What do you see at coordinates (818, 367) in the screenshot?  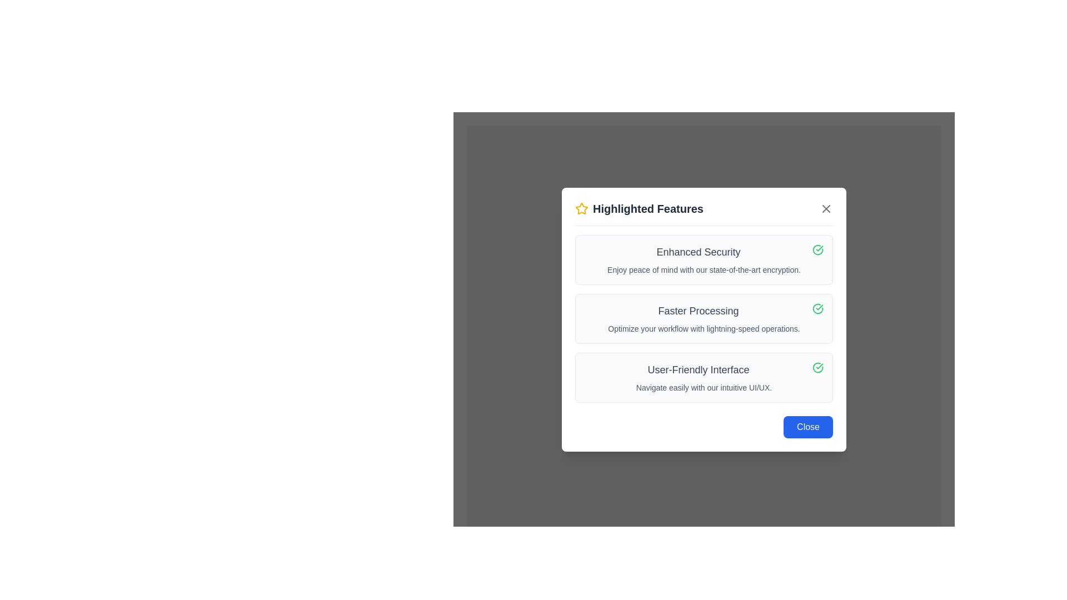 I see `the positive state icon located in the top-right corner of the 'User-Friendly Interface' section in the 'Highlighted Features' modal` at bounding box center [818, 367].